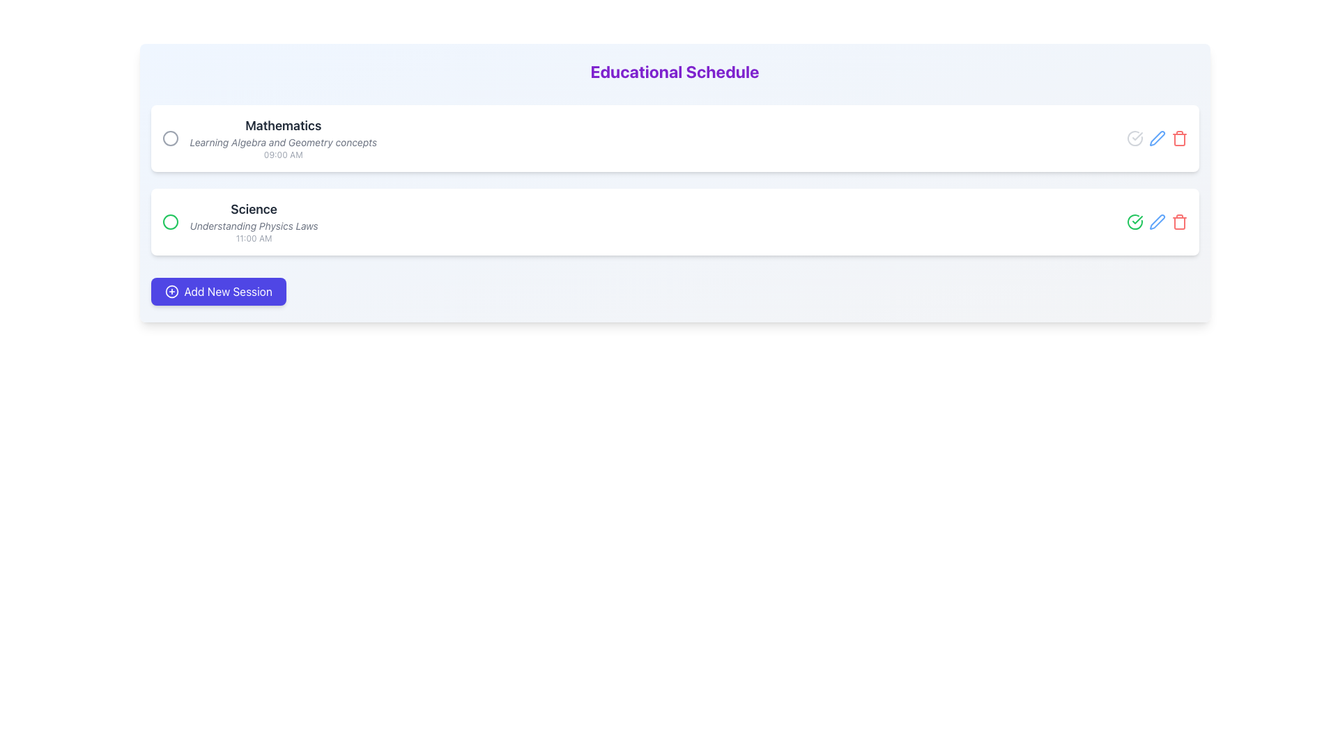 The width and height of the screenshot is (1338, 752). What do you see at coordinates (171, 291) in the screenshot?
I see `the circle-plus icon located on the left side of the blue 'Add New Session' button at the bottom of the page` at bounding box center [171, 291].